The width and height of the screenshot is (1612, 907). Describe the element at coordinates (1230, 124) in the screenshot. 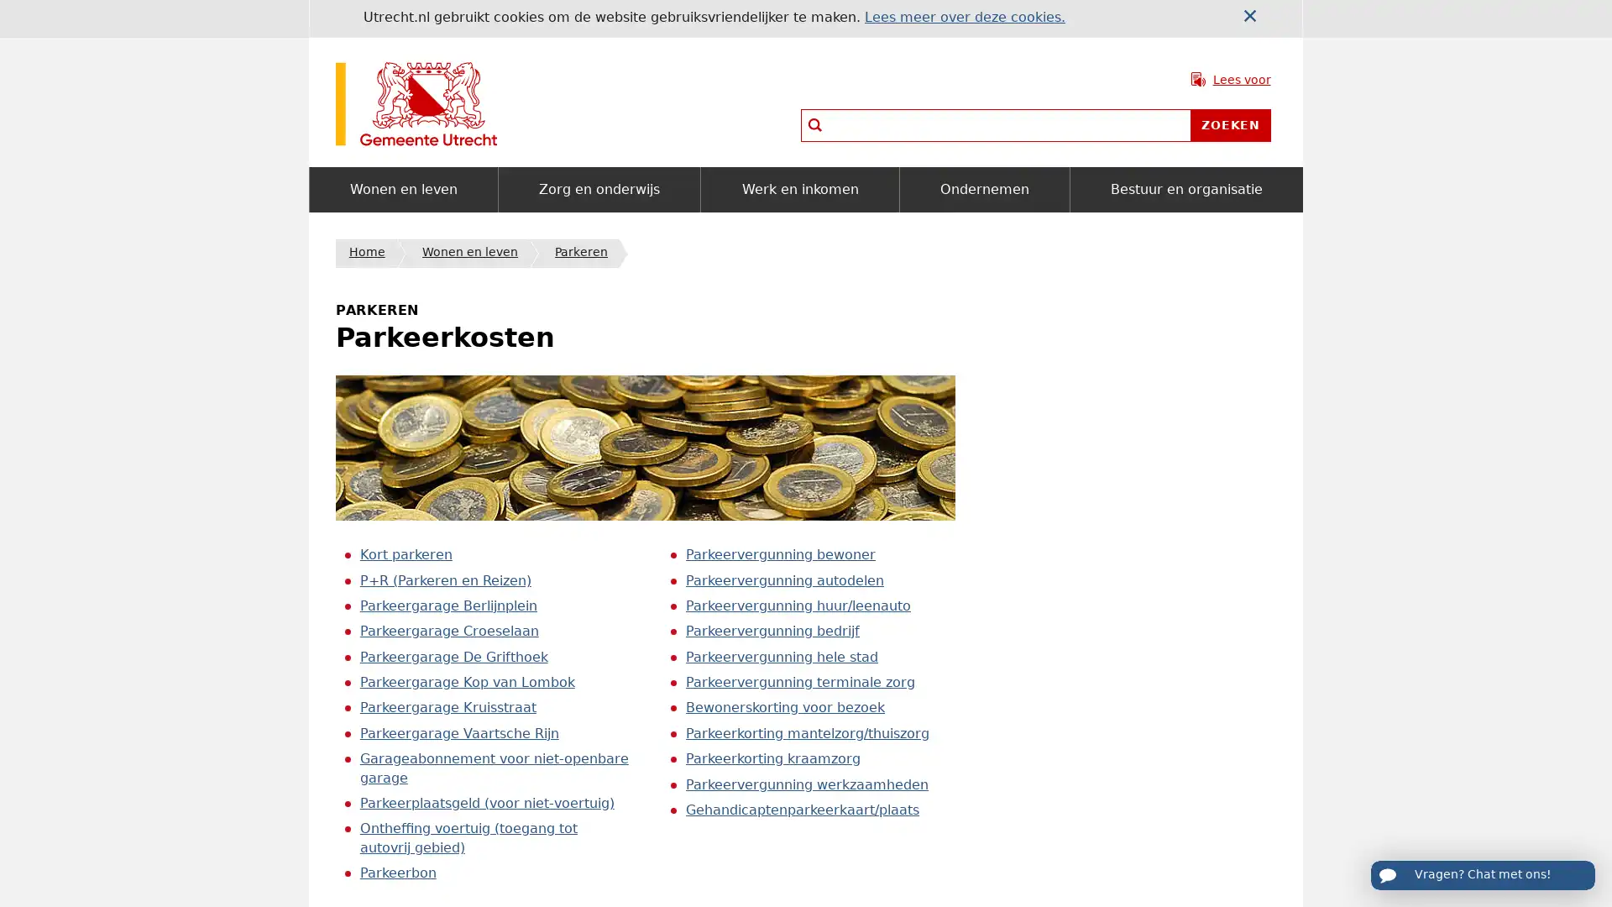

I see `Zoeken` at that location.